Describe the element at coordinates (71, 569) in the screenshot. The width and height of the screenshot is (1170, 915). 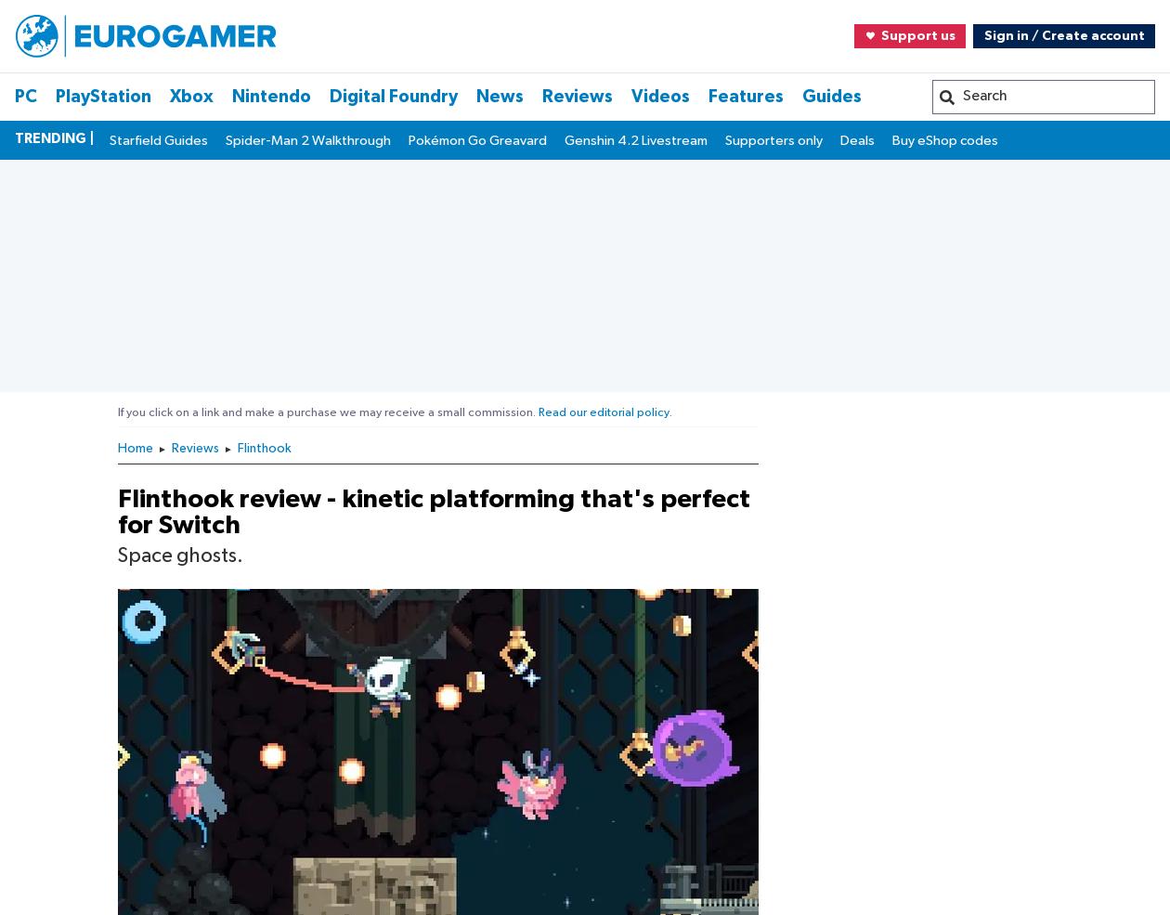
I see `'PlayStation'` at that location.